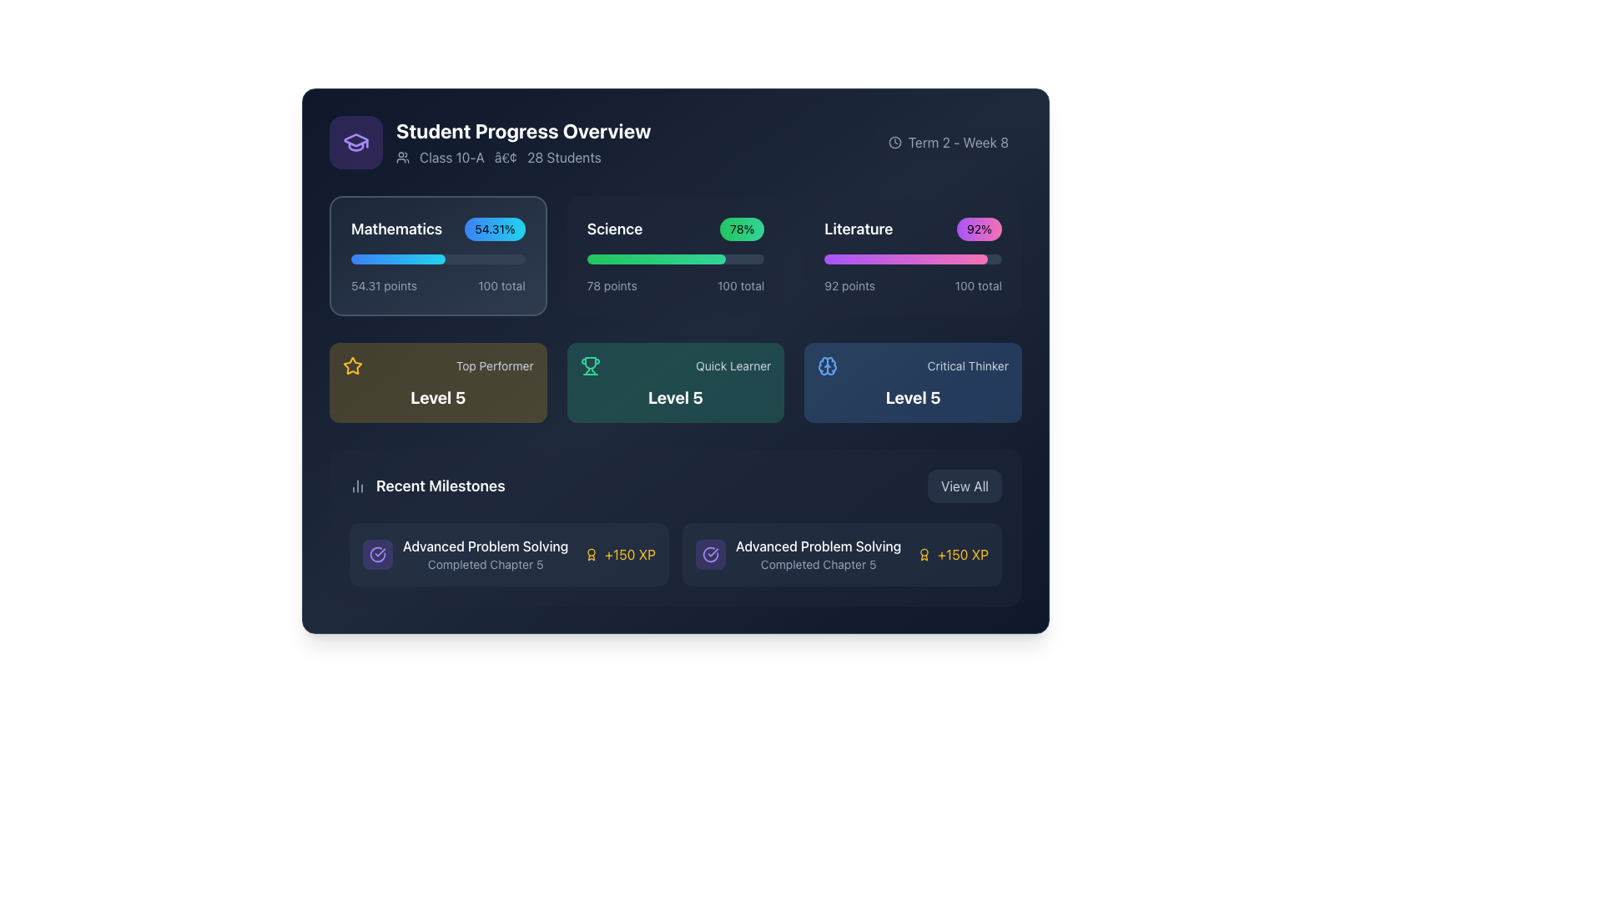 This screenshot has height=901, width=1602. Describe the element at coordinates (798, 554) in the screenshot. I see `the Informational card that provides details about the 'Advanced Problem Solving' milestone, located in the second slot of the 'Recent Milestones' section` at that location.